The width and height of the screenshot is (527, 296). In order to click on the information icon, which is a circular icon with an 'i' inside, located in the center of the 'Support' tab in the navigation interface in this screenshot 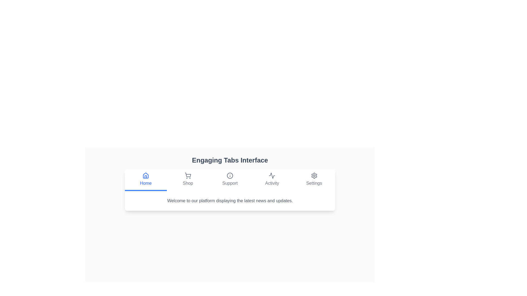, I will do `click(230, 175)`.